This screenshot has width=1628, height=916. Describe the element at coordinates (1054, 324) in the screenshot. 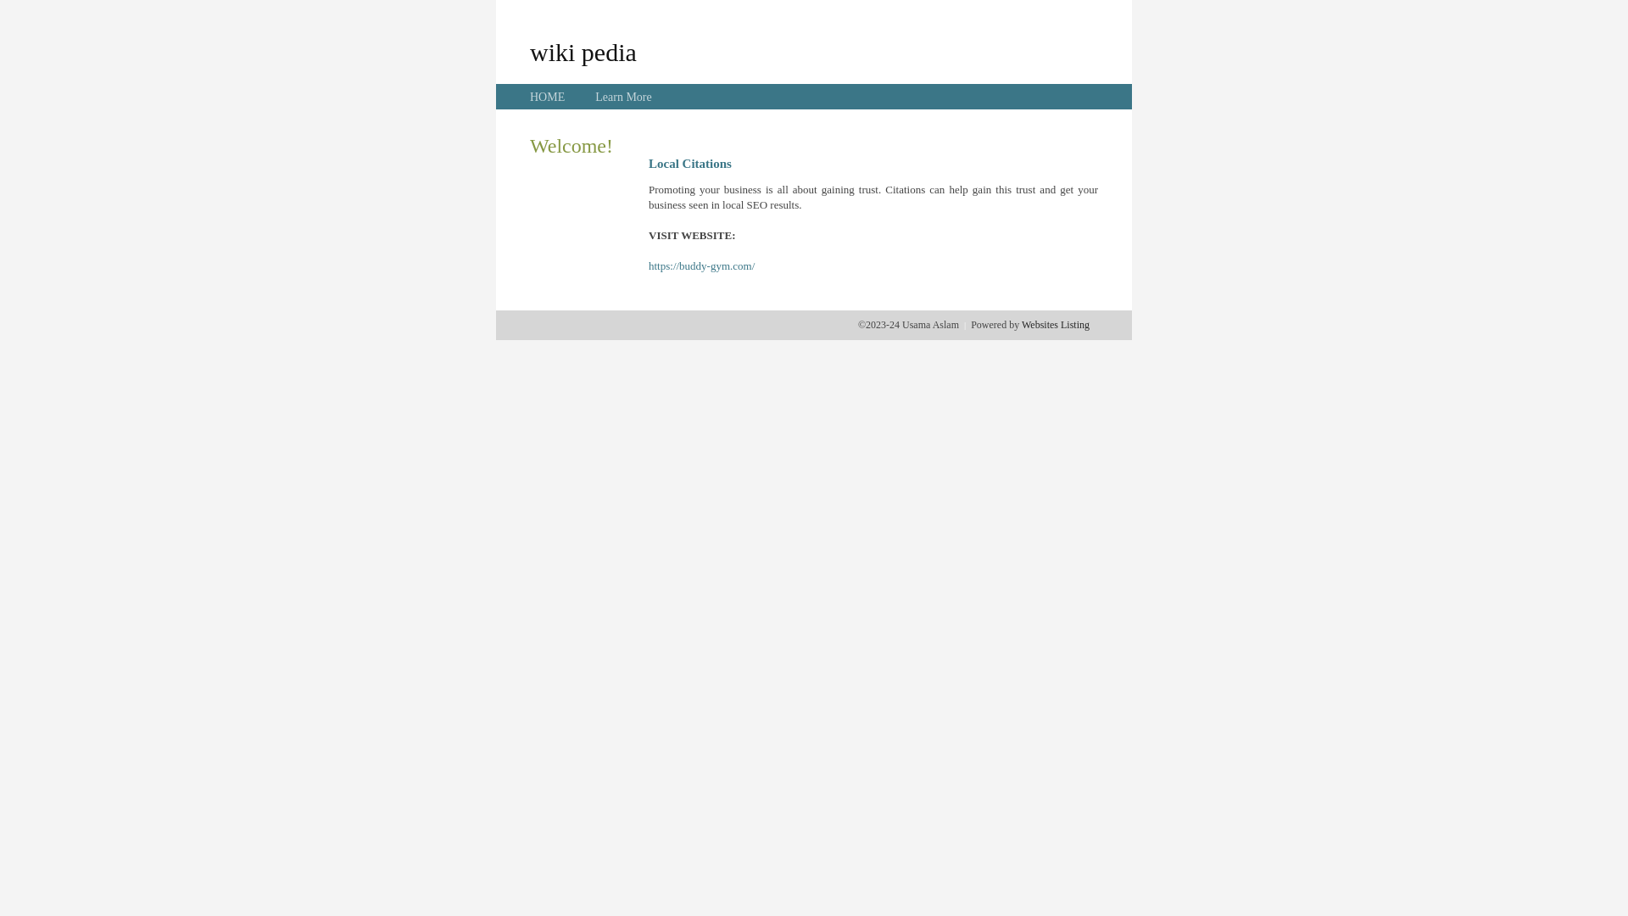

I see `'Websites Listing'` at that location.